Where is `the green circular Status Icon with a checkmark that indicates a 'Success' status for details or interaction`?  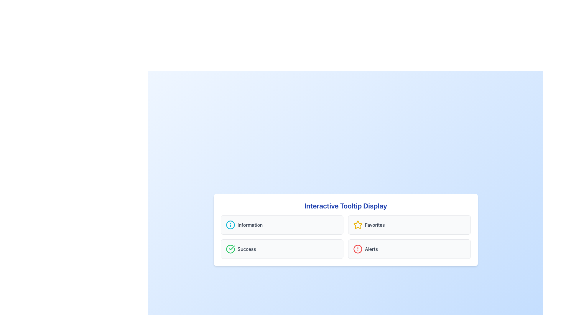 the green circular Status Icon with a checkmark that indicates a 'Success' status for details or interaction is located at coordinates (230, 249).